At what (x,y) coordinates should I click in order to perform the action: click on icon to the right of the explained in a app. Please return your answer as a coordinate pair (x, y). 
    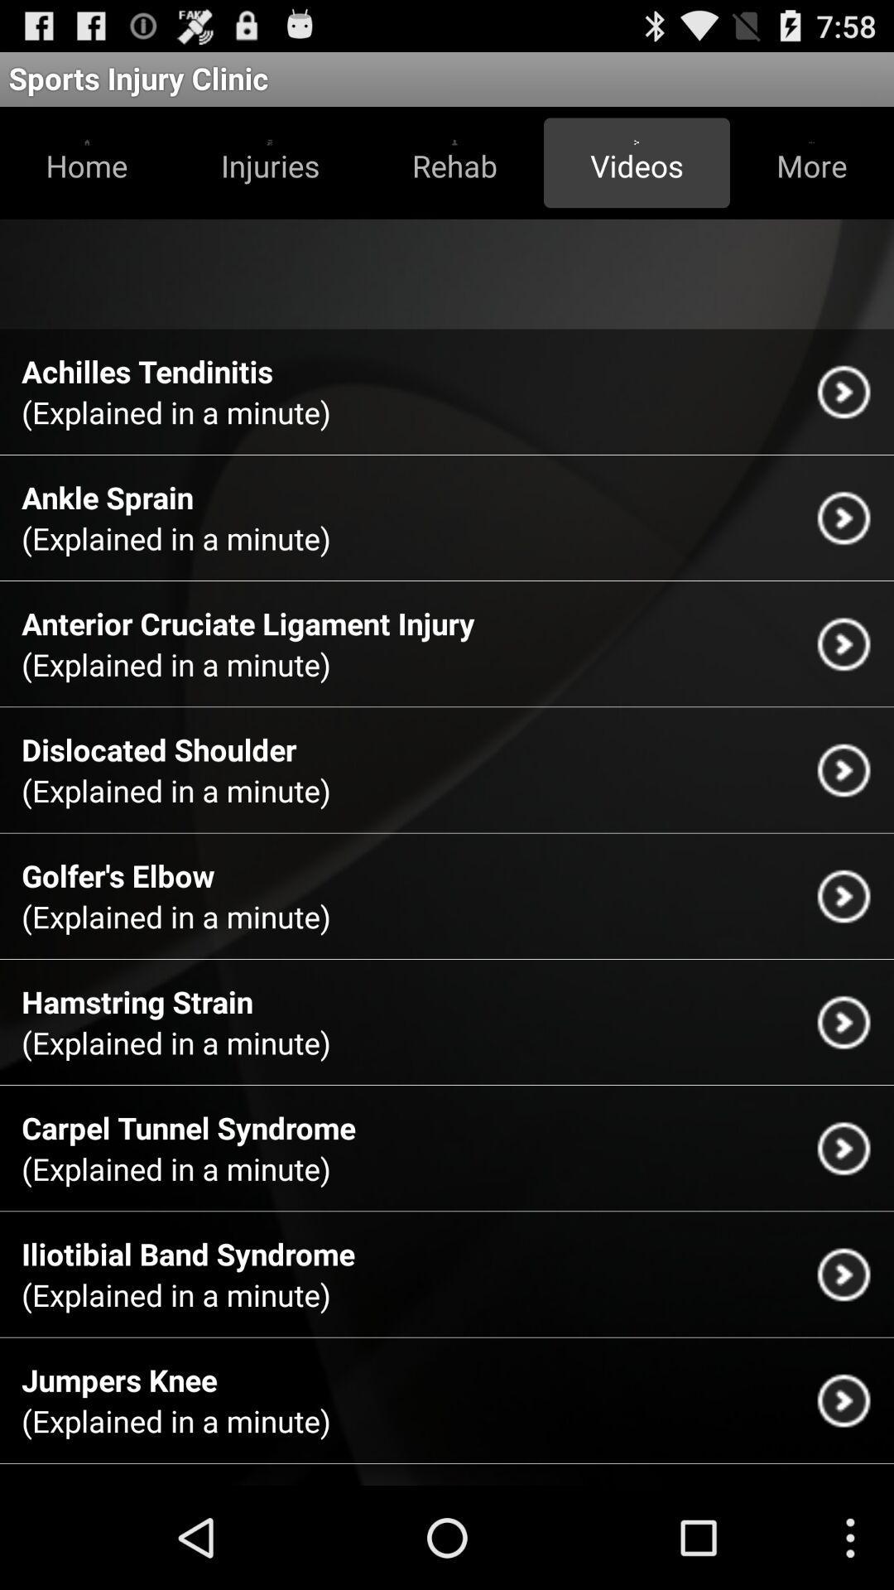
    Looking at the image, I should click on (844, 391).